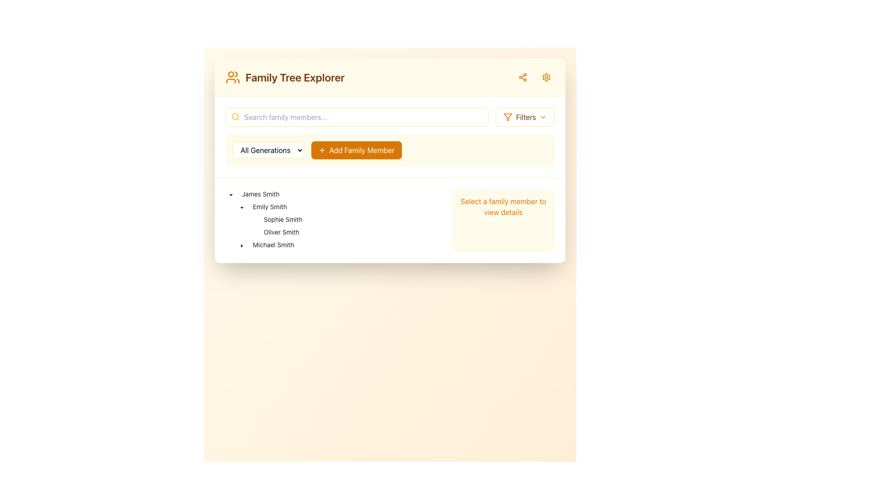 This screenshot has width=870, height=489. What do you see at coordinates (507, 116) in the screenshot?
I see `the filter icon located in the top-right section of the main content area, which serves as a visual indicator for filtering content` at bounding box center [507, 116].